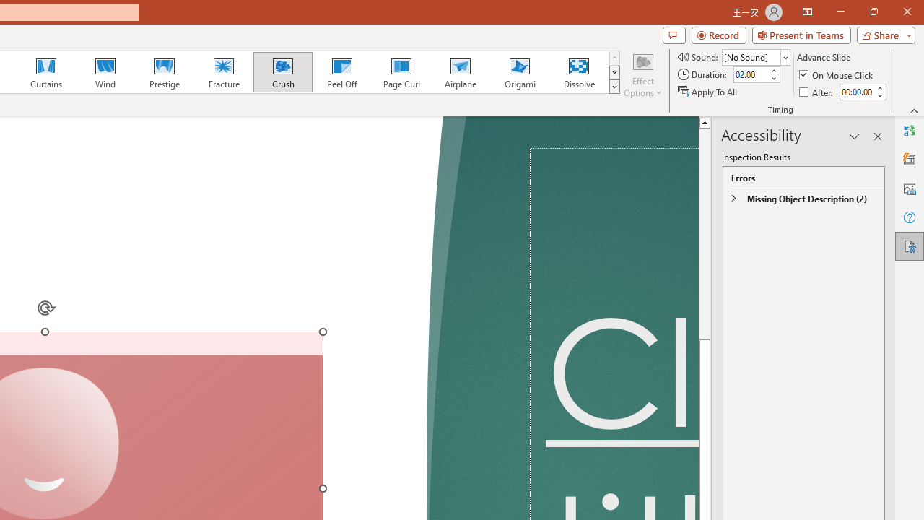  I want to click on 'Duration', so click(751, 74).